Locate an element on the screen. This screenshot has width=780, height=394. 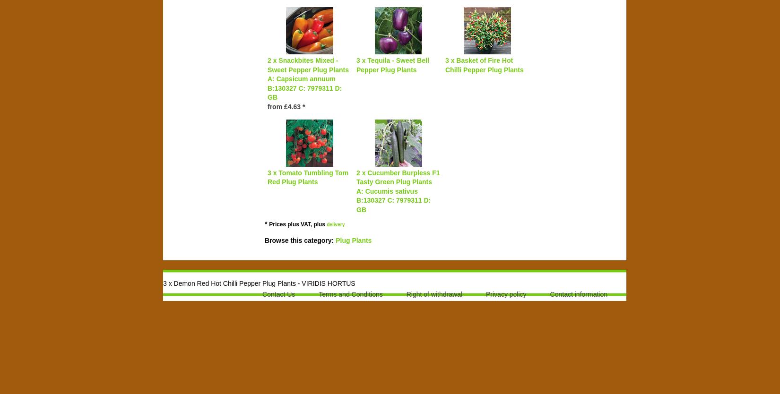
'Plug Plants' is located at coordinates (353, 240).